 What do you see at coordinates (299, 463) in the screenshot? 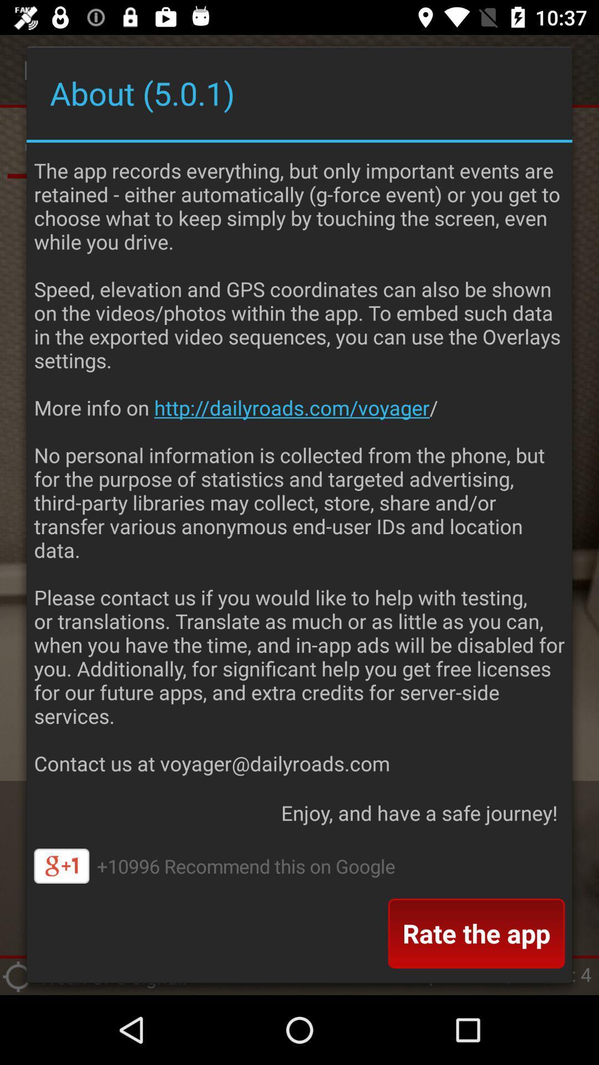
I see `dailyroads voyager allows item` at bounding box center [299, 463].